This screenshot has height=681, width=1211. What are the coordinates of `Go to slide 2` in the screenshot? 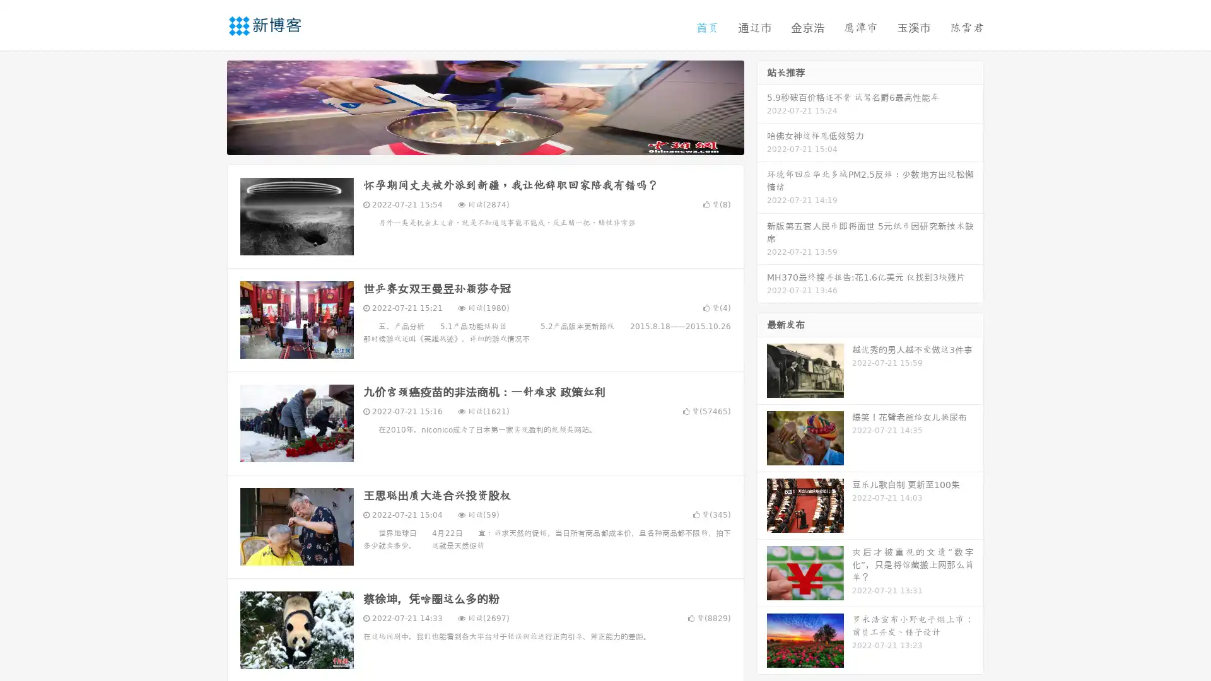 It's located at (484, 142).